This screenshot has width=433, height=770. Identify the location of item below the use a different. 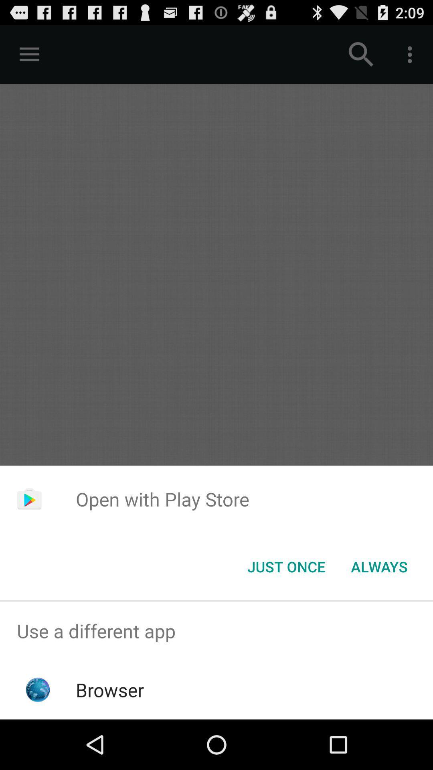
(110, 689).